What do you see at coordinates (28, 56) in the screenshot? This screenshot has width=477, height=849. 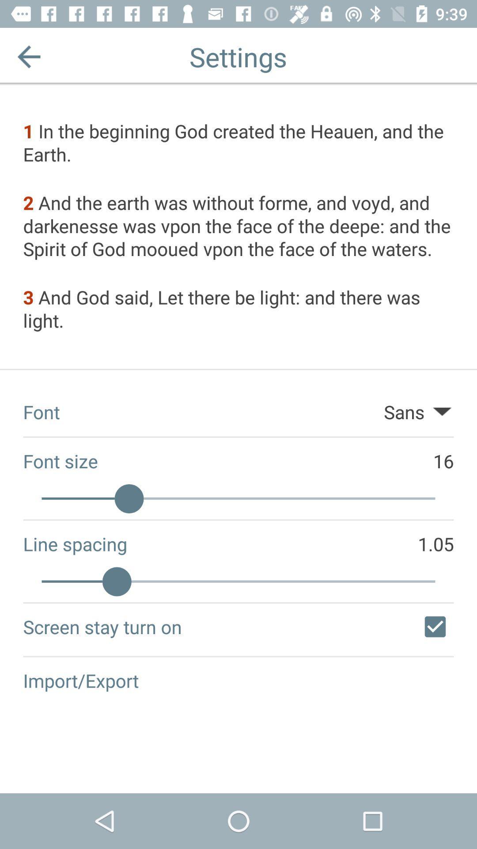 I see `the app to the left of the settings item` at bounding box center [28, 56].